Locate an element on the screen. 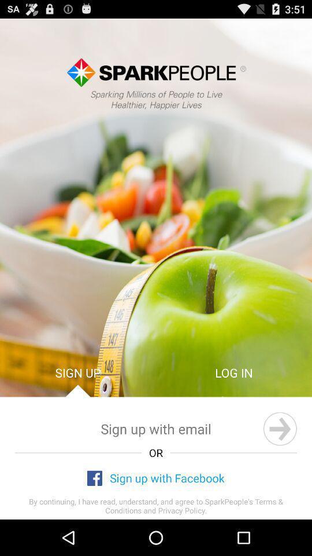  the arrow_forward icon is located at coordinates (279, 459).